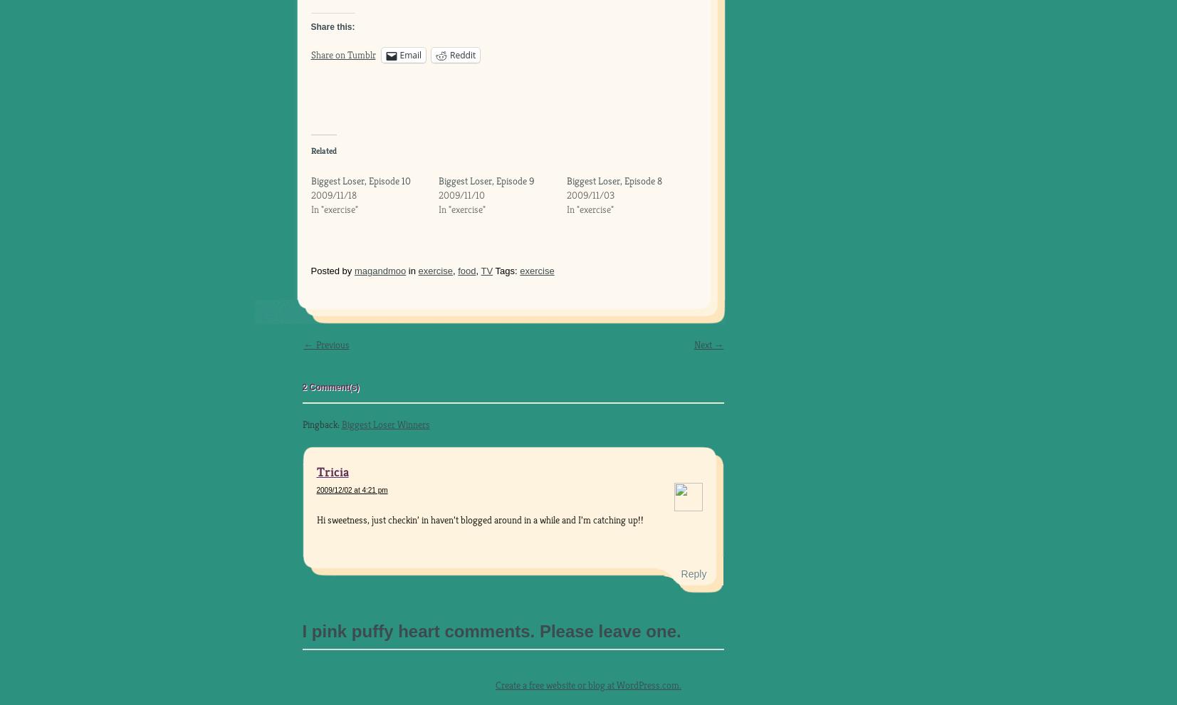 The height and width of the screenshot is (705, 1177). I want to click on 'Reply', so click(693, 573).